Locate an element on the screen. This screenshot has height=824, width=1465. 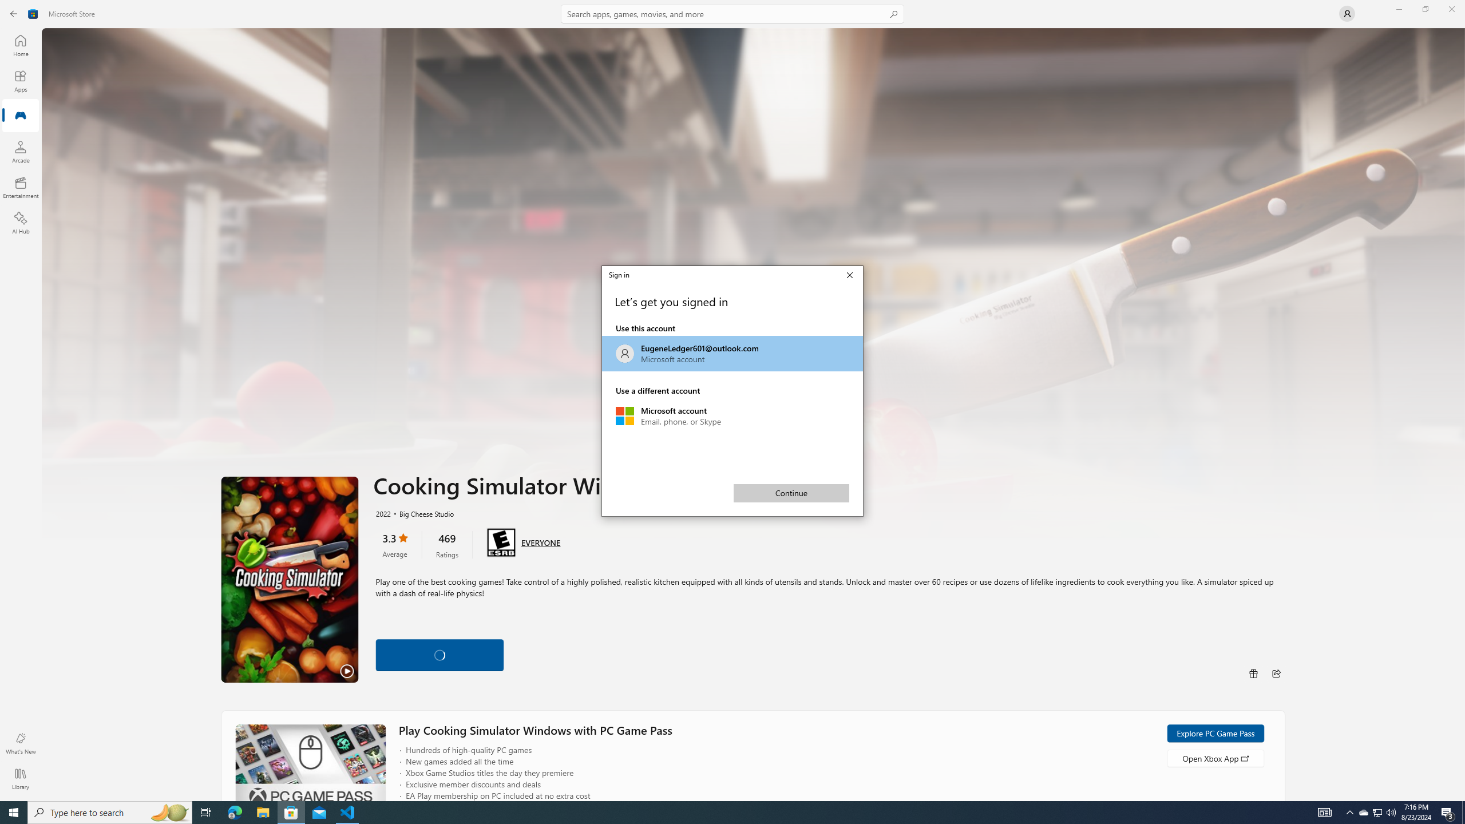
'AutomationID: 4105' is located at coordinates (1325, 811).